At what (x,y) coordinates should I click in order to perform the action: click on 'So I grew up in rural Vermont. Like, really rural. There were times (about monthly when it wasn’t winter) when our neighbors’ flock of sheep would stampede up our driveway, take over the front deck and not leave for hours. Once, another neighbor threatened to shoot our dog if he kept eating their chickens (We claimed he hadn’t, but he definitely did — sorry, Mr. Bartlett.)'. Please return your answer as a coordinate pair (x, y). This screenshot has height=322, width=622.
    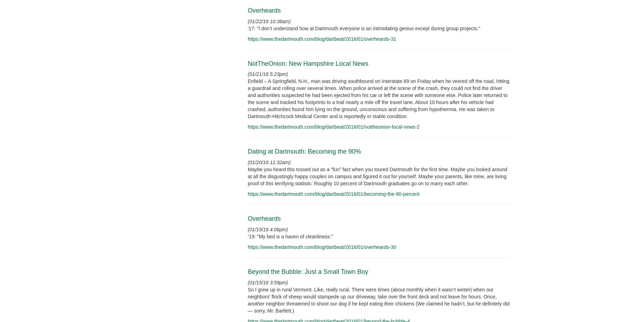
    Looking at the image, I should click on (247, 300).